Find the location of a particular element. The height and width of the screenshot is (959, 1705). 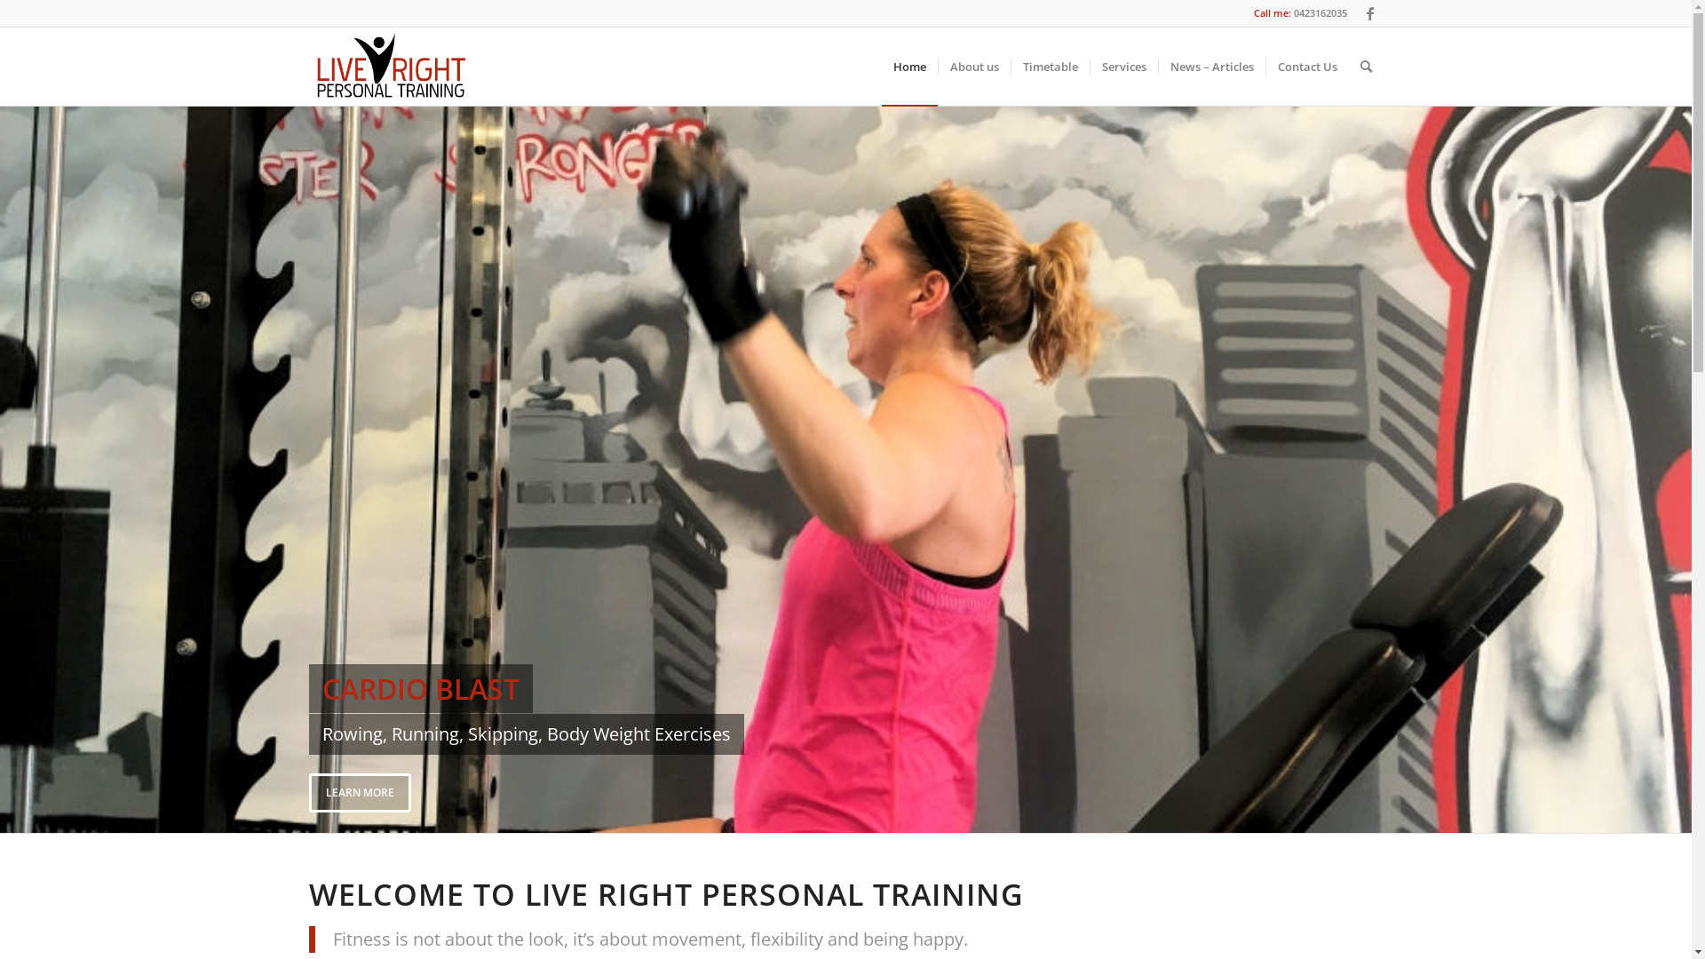

'LiveRightPT-red-logo' is located at coordinates (308, 65).